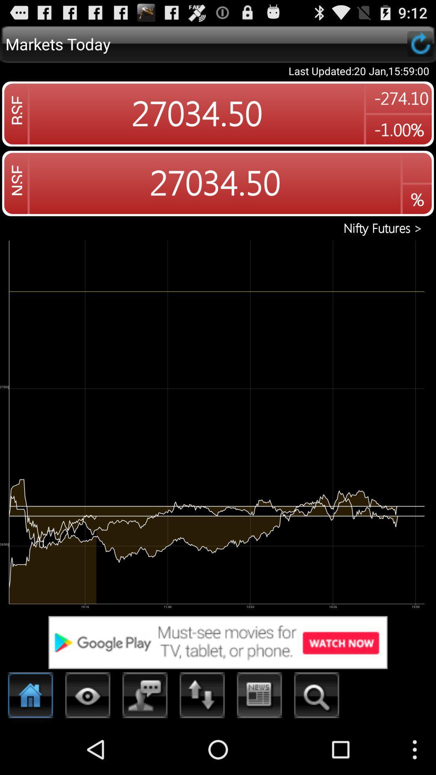  Describe the element at coordinates (145, 697) in the screenshot. I see `the third icon from the bottom left` at that location.